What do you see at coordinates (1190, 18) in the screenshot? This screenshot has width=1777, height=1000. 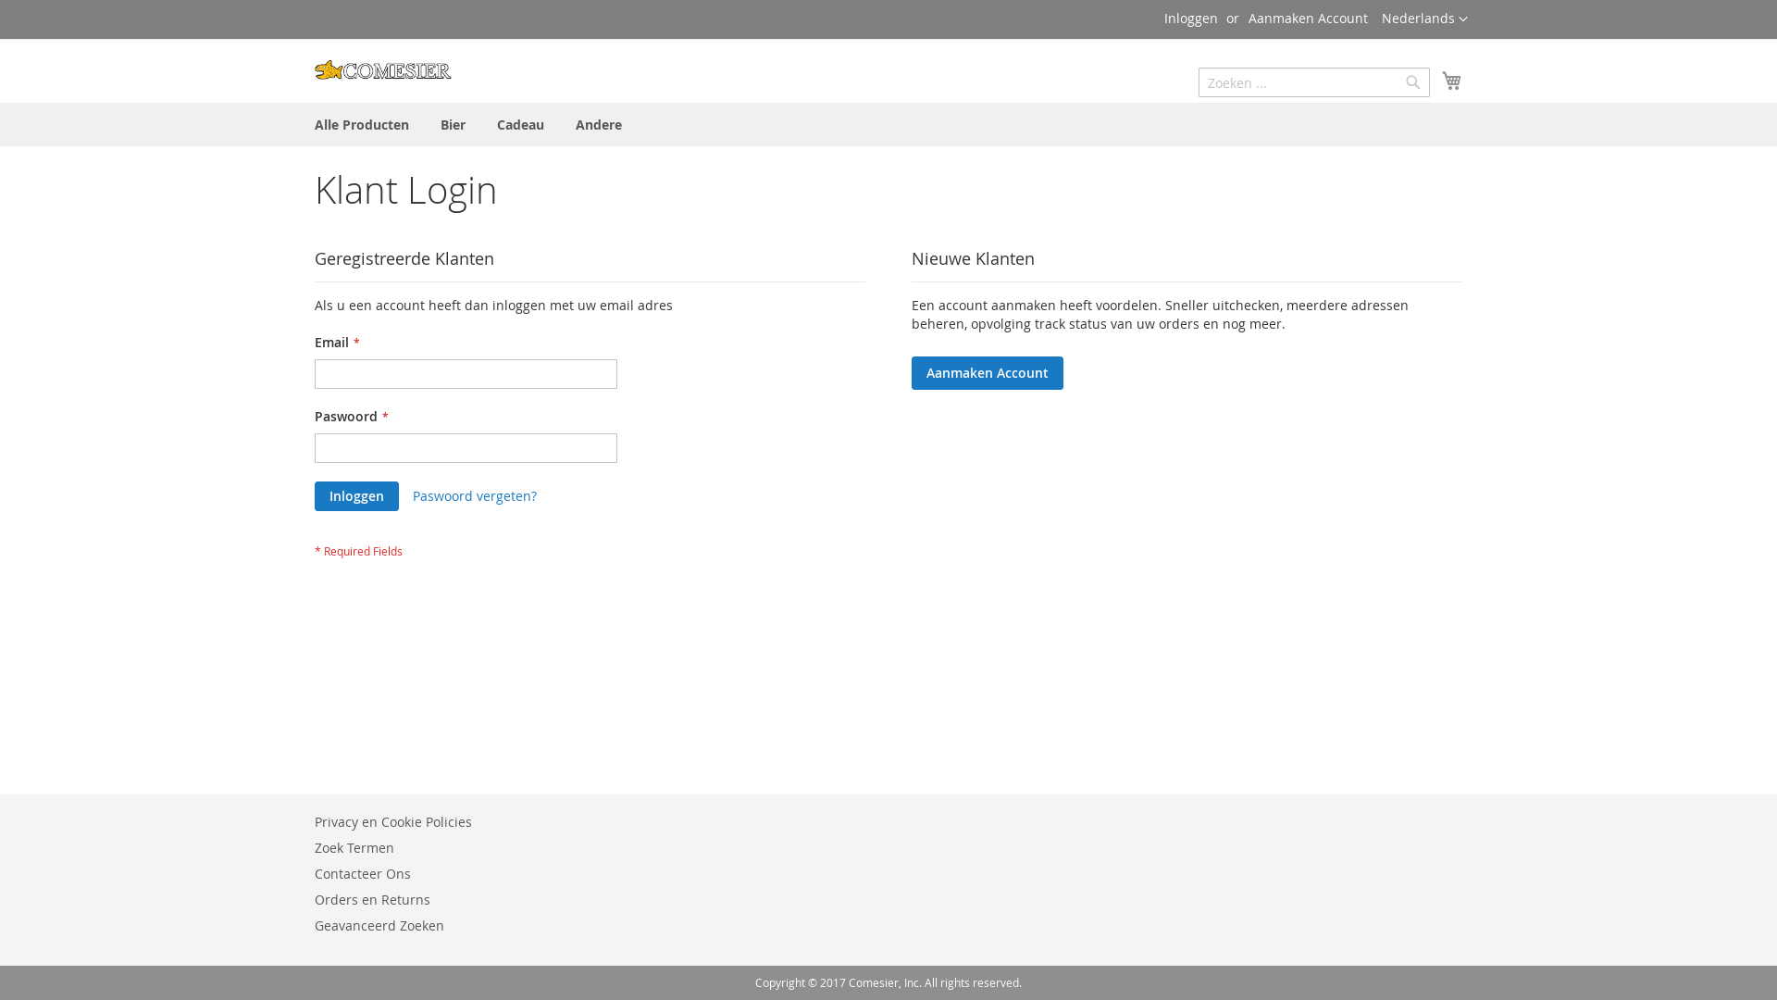 I see `'Inloggen'` at bounding box center [1190, 18].